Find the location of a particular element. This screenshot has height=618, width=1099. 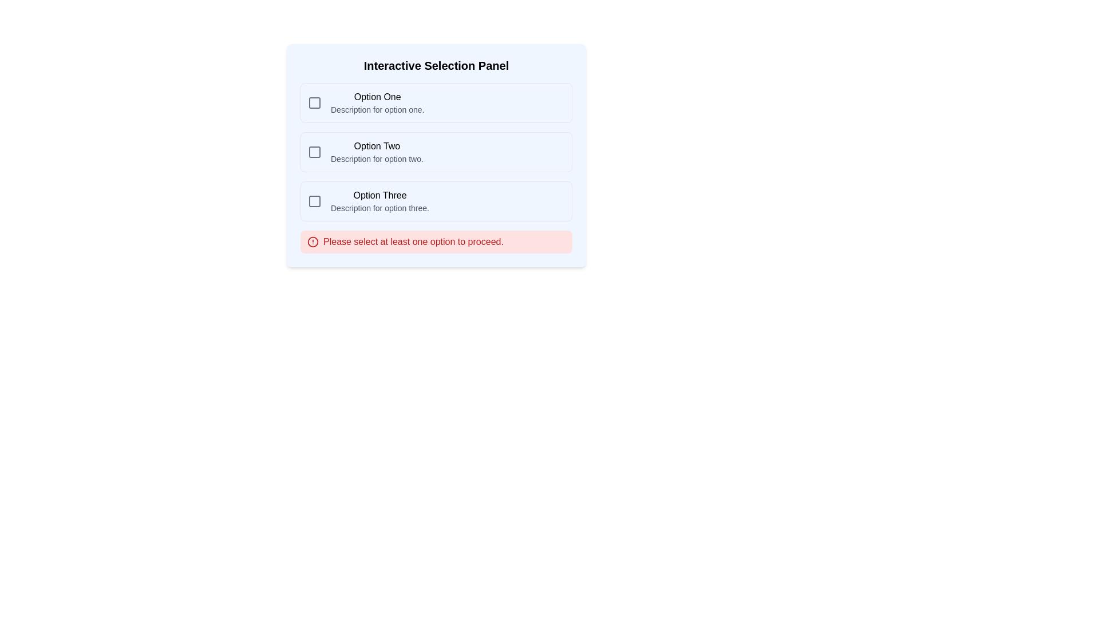

text from the text label displaying 'Option Two' with the description 'Description for option two.' is located at coordinates (377, 152).